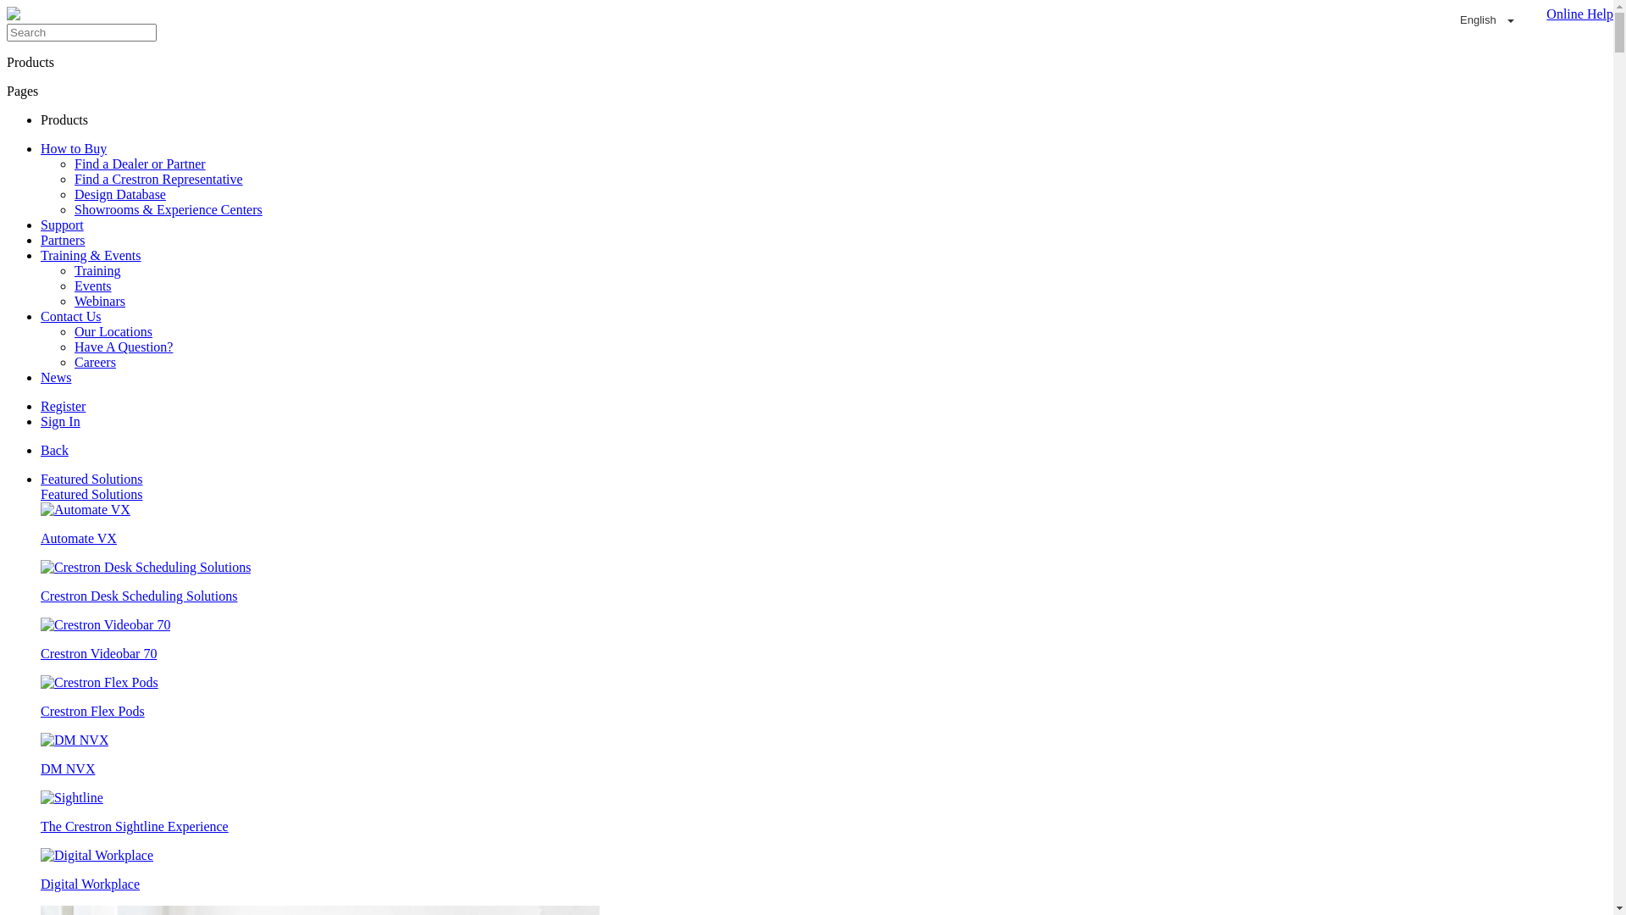  Describe the element at coordinates (69, 316) in the screenshot. I see `'Contact Us'` at that location.